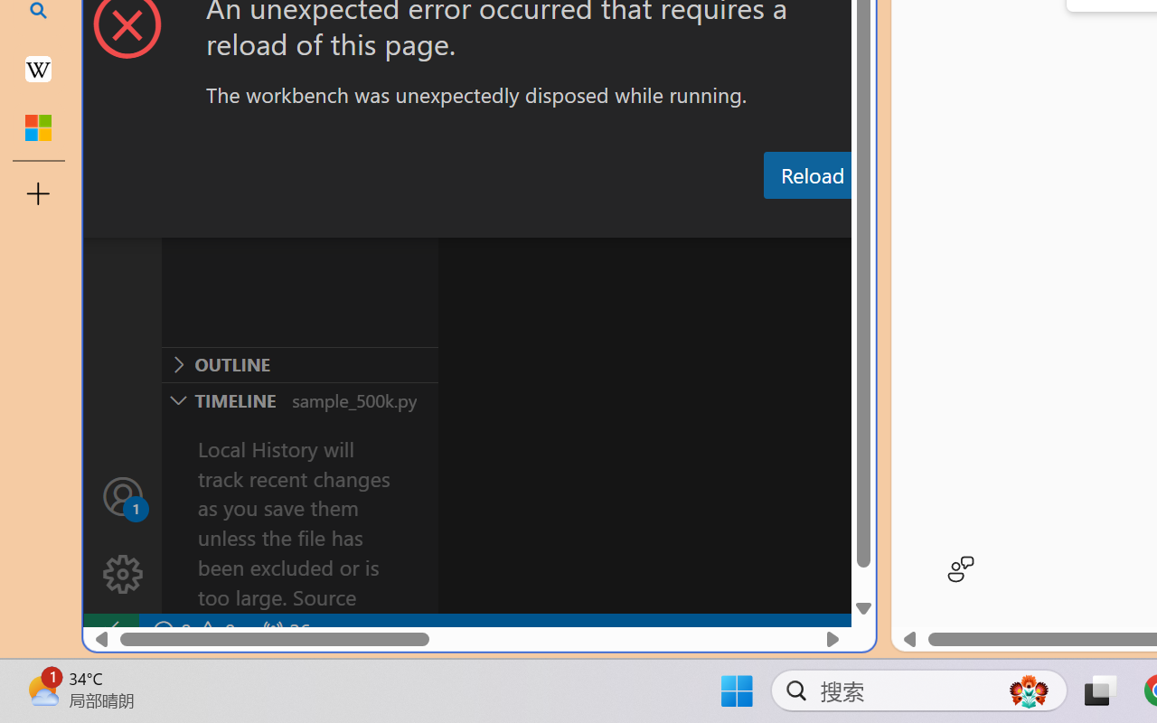 The image size is (1157, 723). What do you see at coordinates (193, 631) in the screenshot?
I see `'No Problems'` at bounding box center [193, 631].